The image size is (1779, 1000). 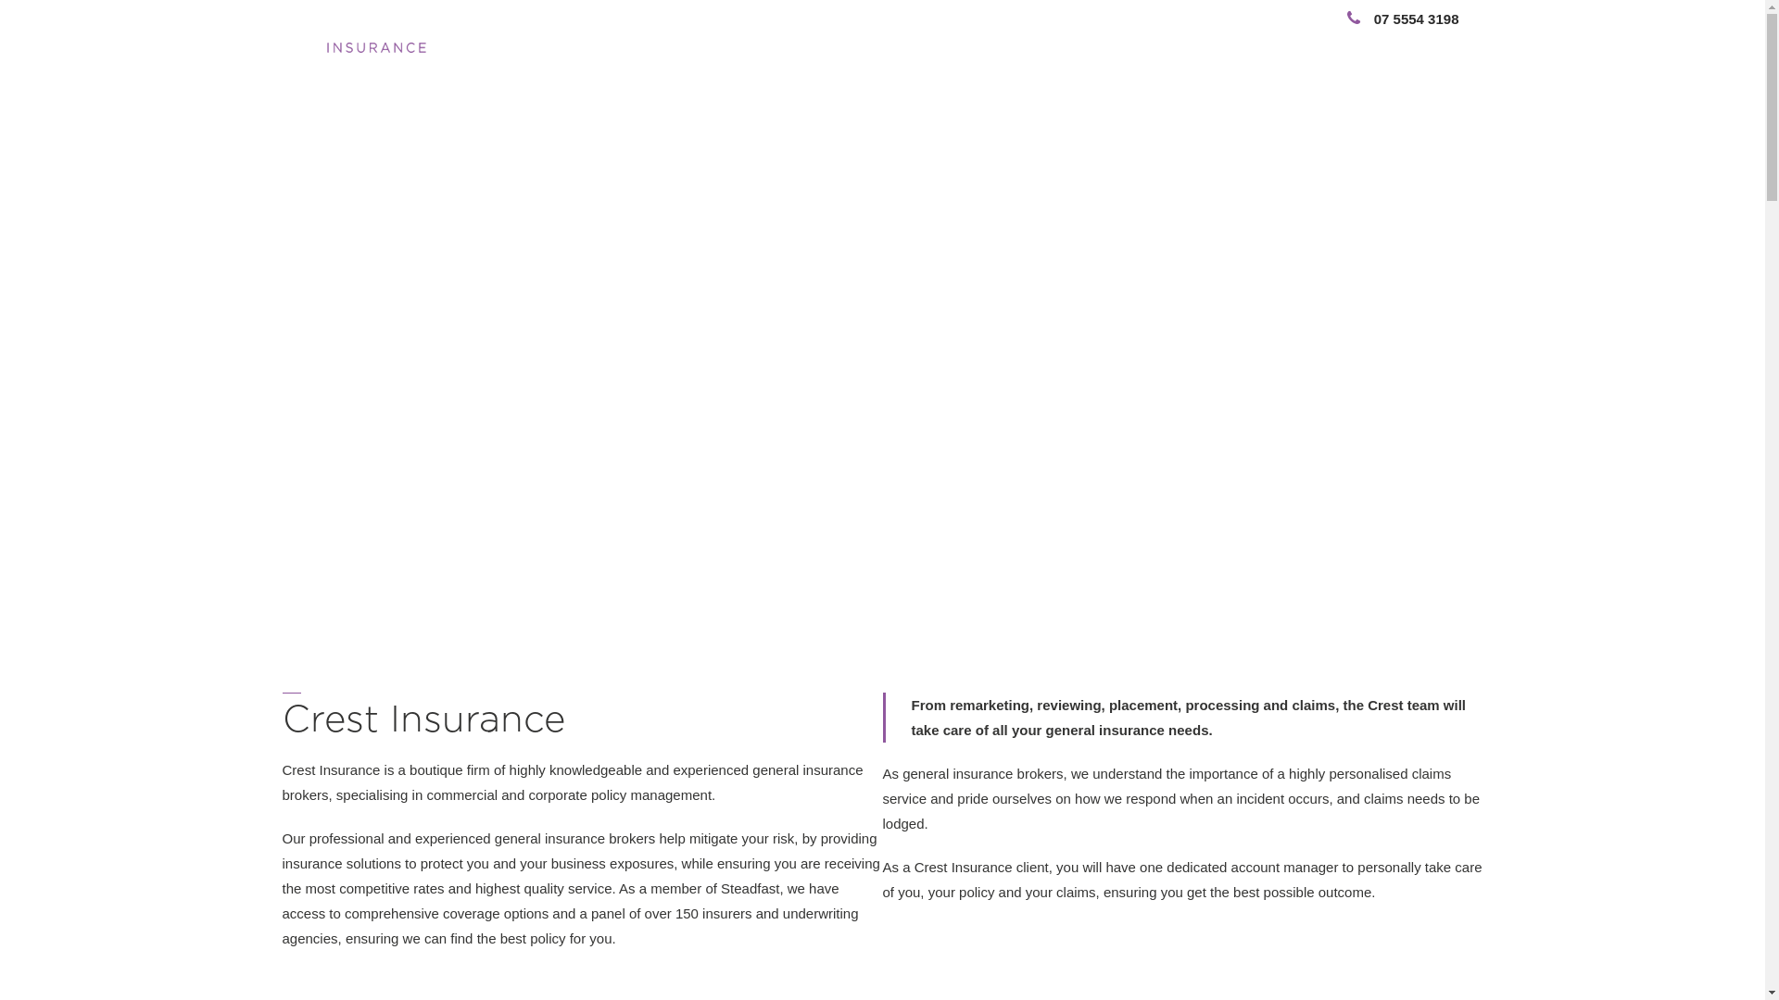 What do you see at coordinates (1322, 19) in the screenshot?
I see `'07 5554 3198'` at bounding box center [1322, 19].